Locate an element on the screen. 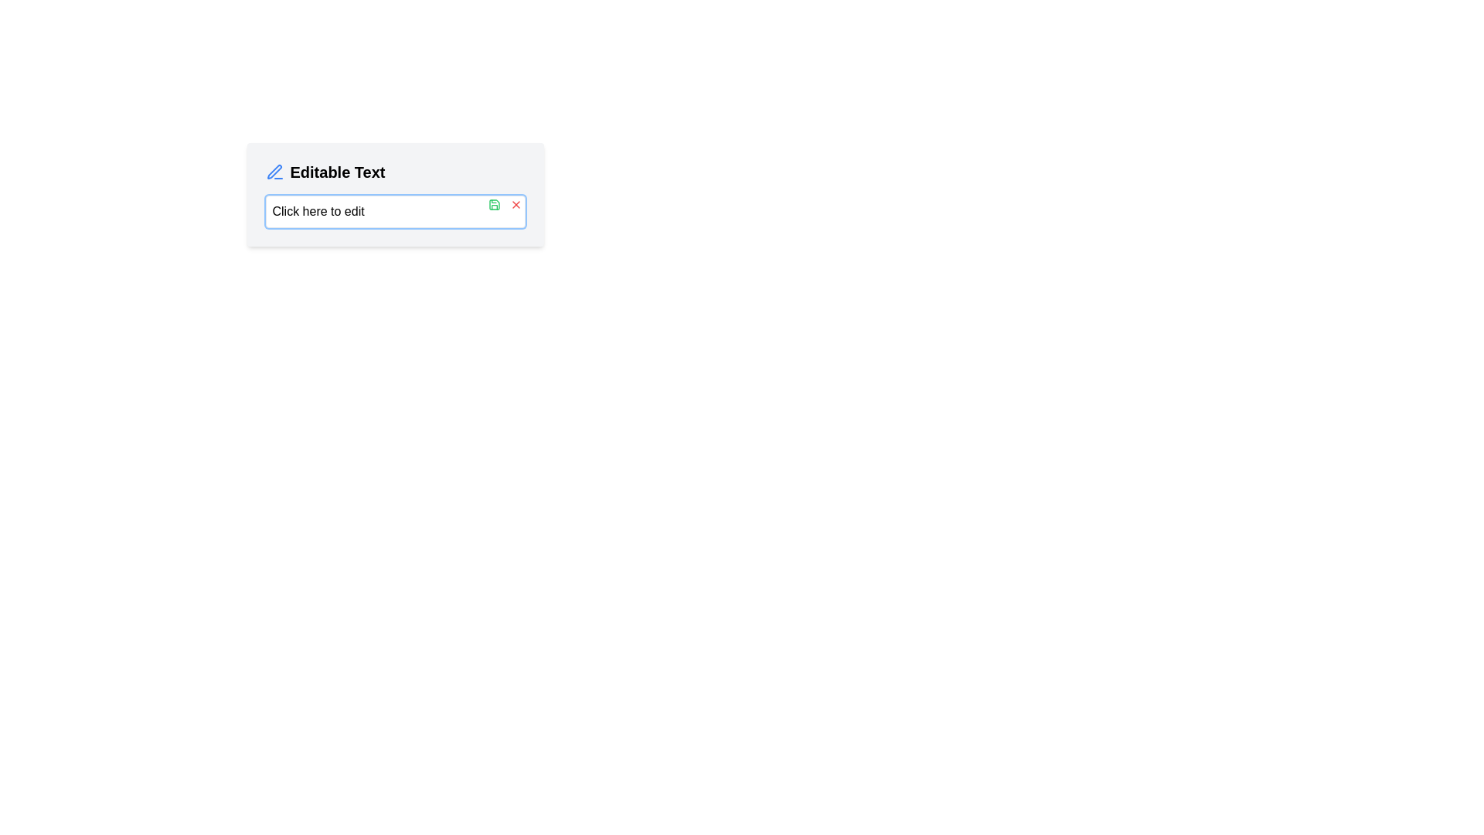 The image size is (1484, 835). the cancel icon located in the icon group to the right of the editable input field labeled 'Click here is located at coordinates (505, 204).